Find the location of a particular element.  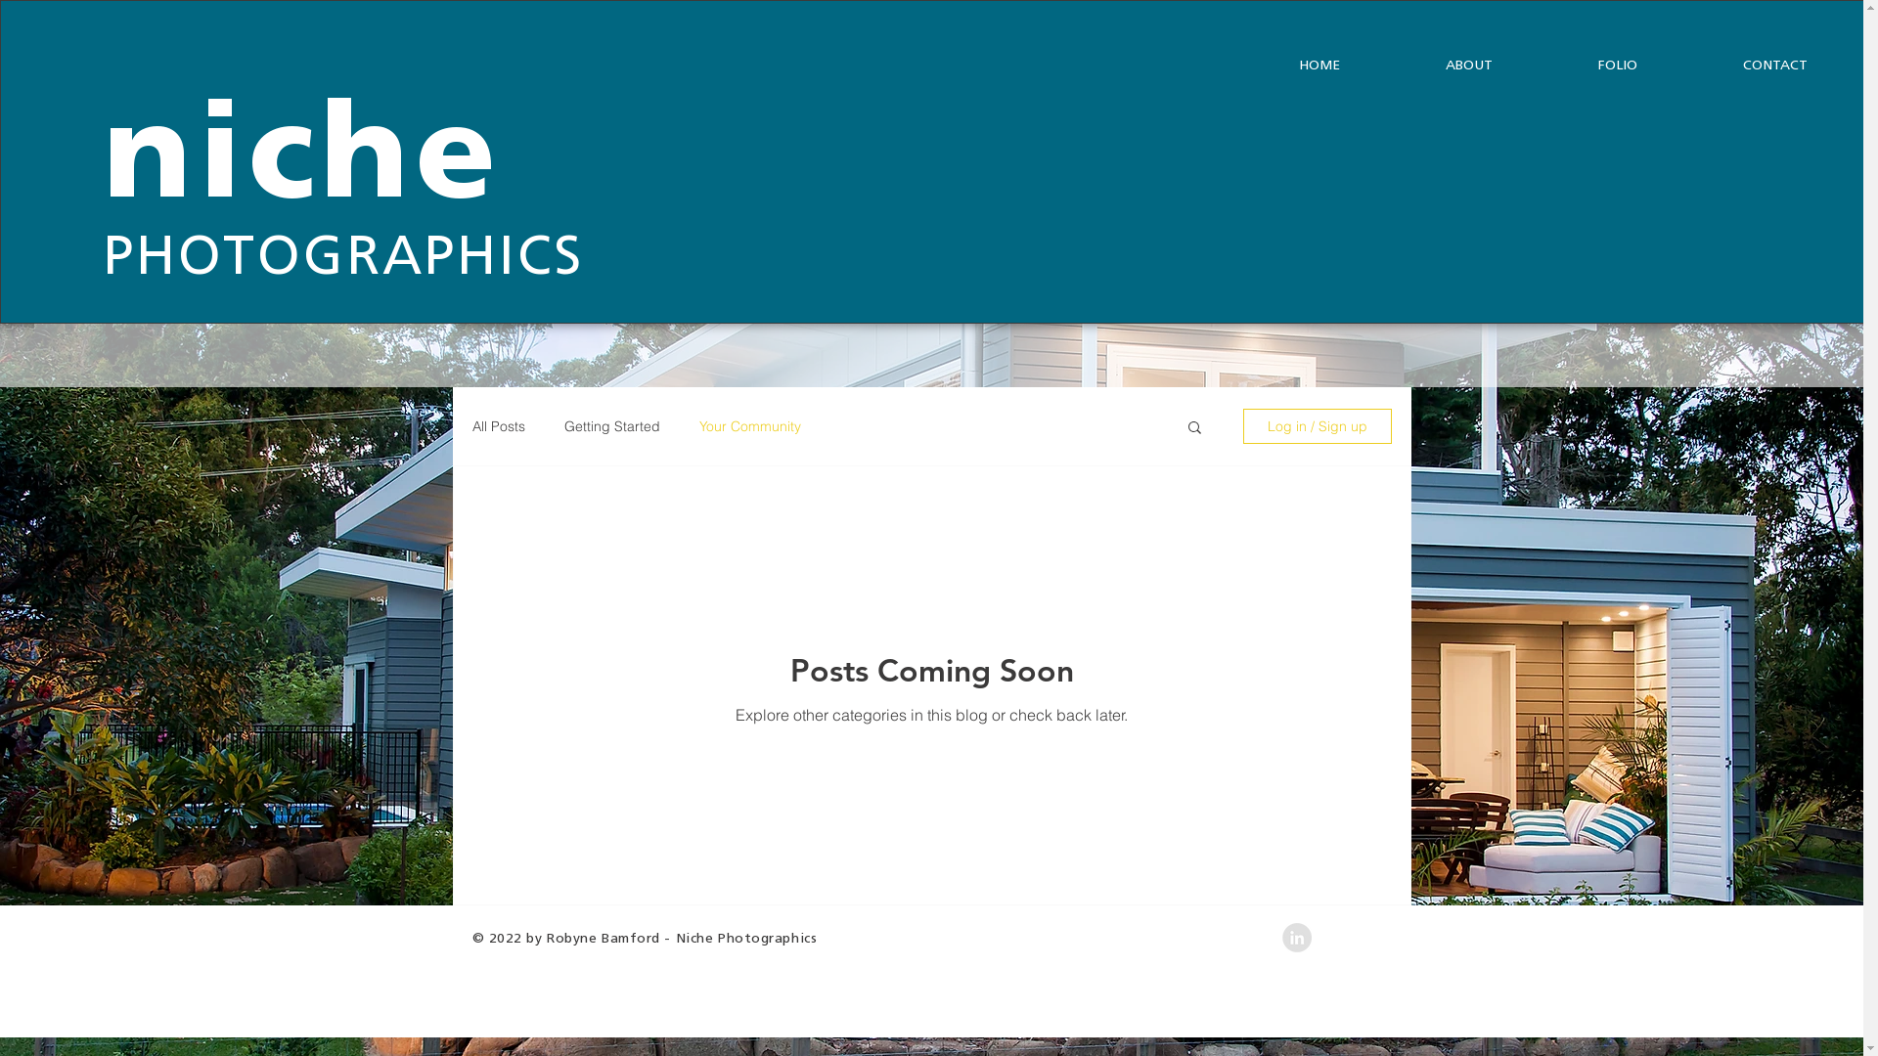

'CONTACT' is located at coordinates (1689, 64).